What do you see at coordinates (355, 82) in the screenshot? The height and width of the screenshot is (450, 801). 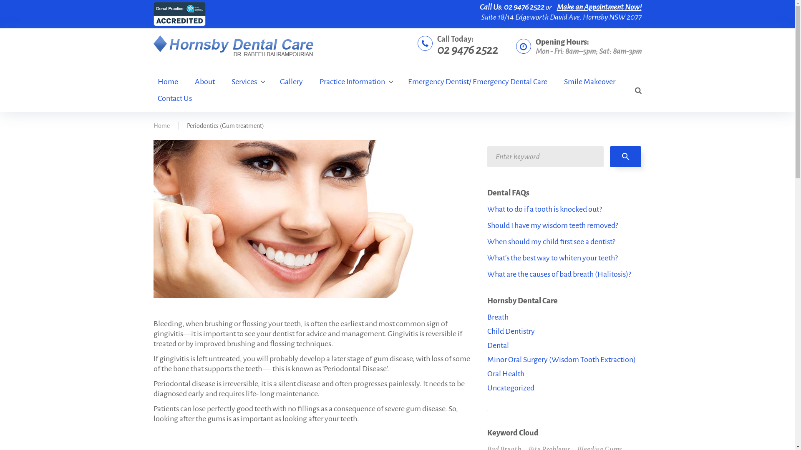 I see `'Practice Information'` at bounding box center [355, 82].